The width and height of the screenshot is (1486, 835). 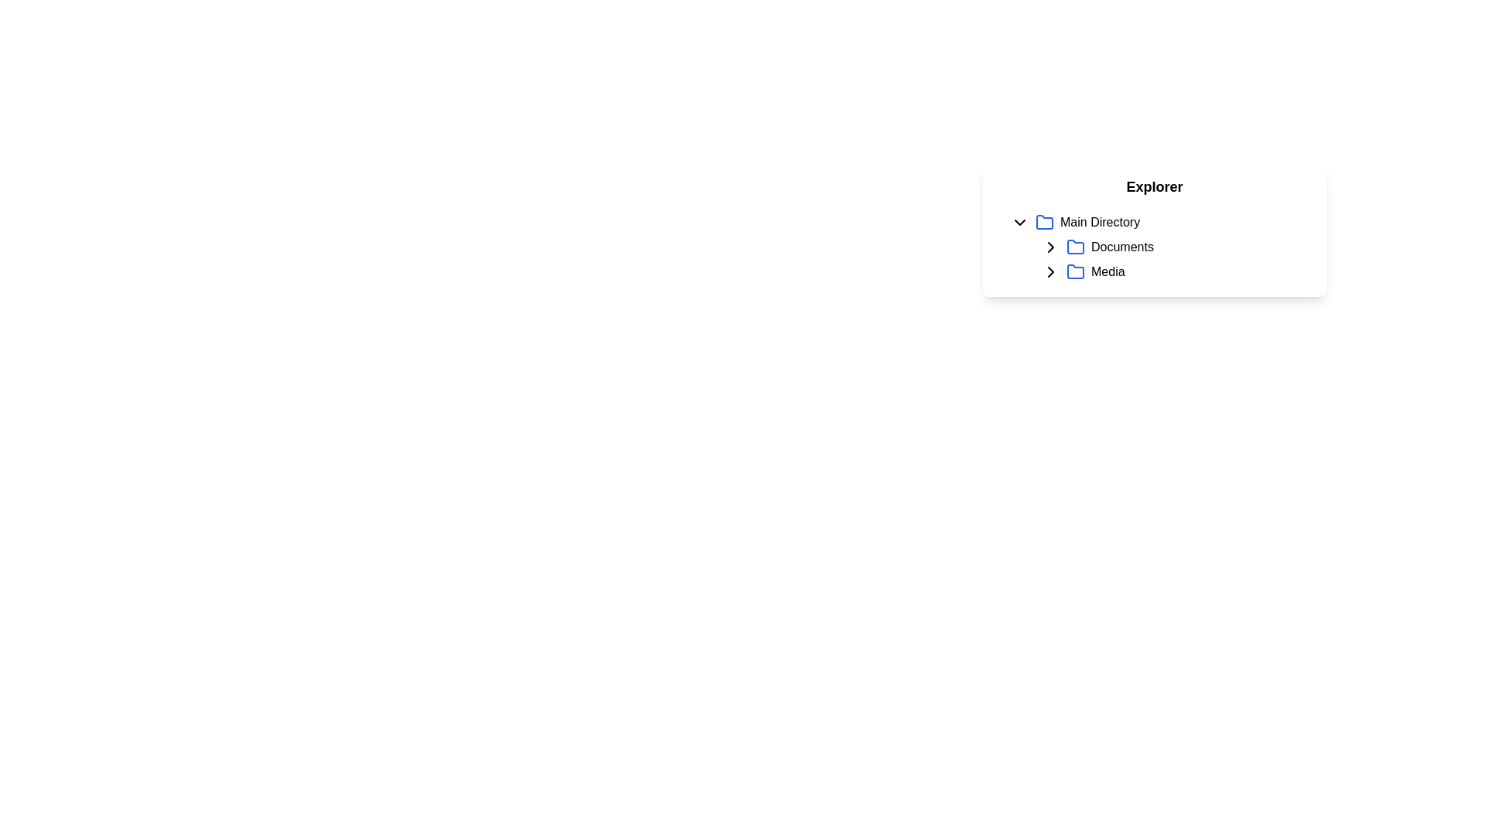 What do you see at coordinates (1051, 247) in the screenshot?
I see `the chevron icon indicating the expandable or collapsible section in the Explorer list next to the 'Documents' folder` at bounding box center [1051, 247].